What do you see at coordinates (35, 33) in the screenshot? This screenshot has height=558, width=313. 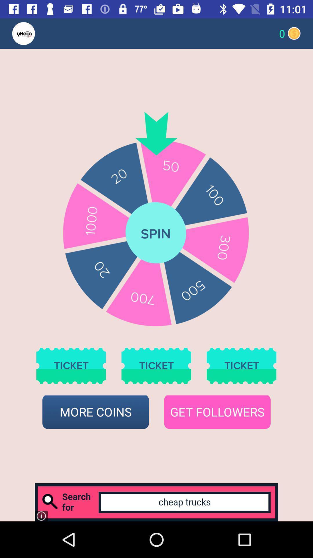 I see `icon at the top left corner` at bounding box center [35, 33].